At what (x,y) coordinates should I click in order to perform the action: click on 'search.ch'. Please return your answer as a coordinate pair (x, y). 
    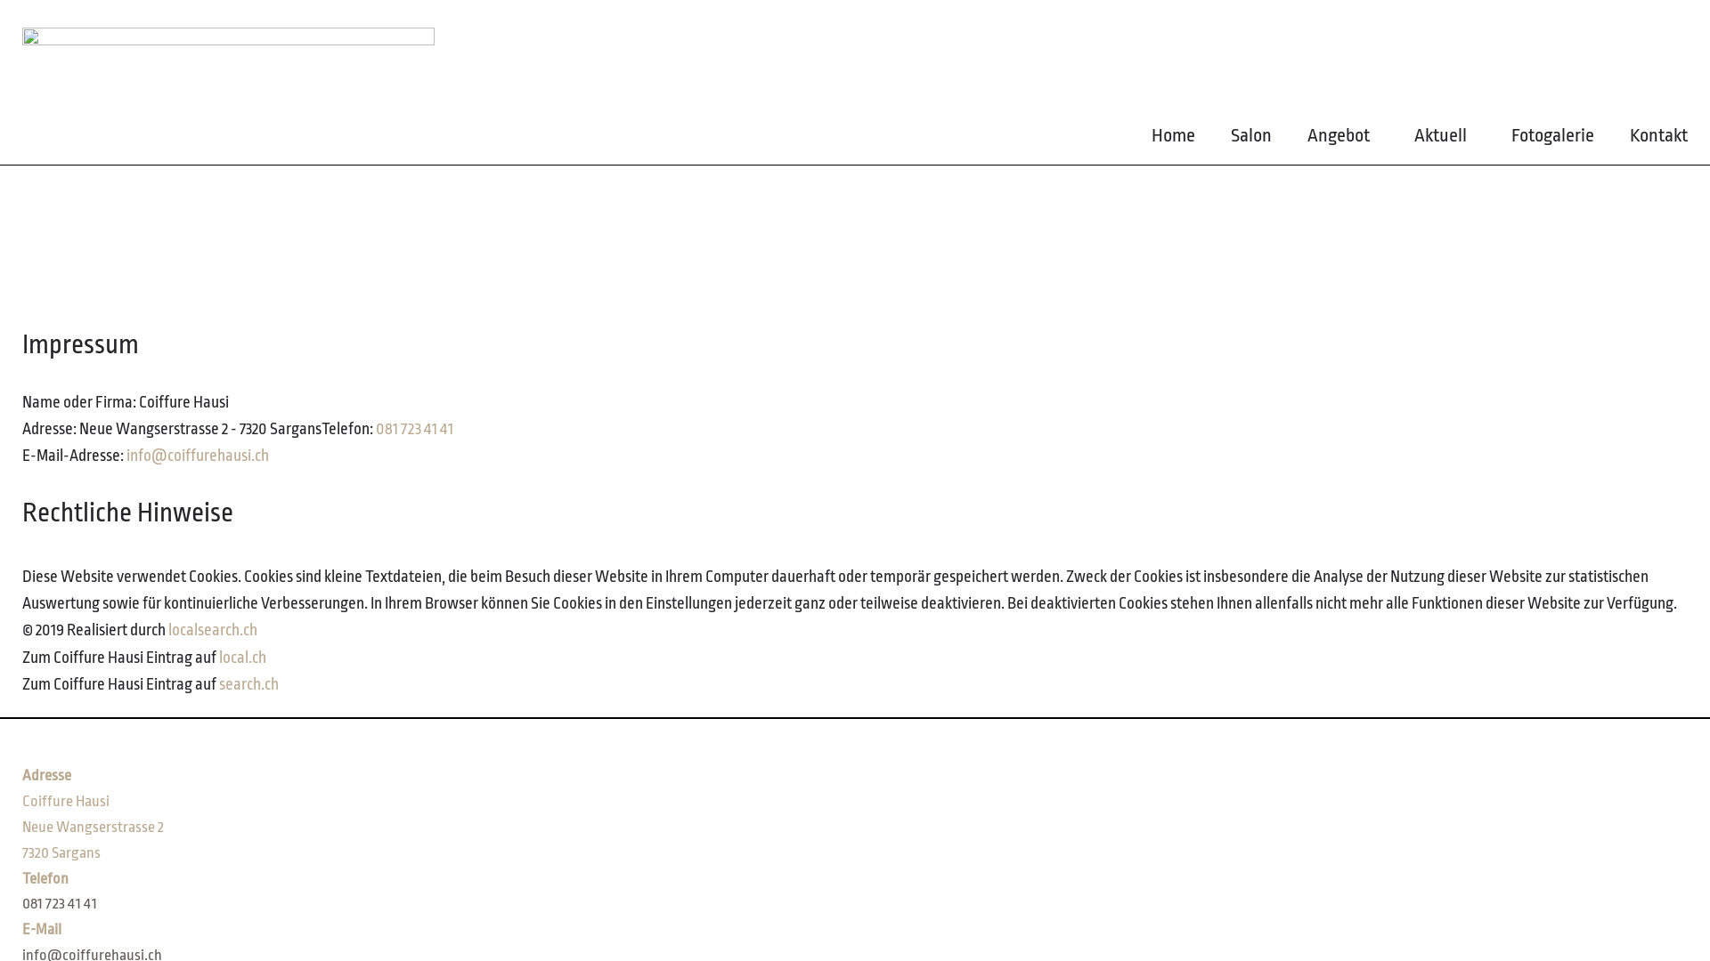
    Looking at the image, I should click on (248, 682).